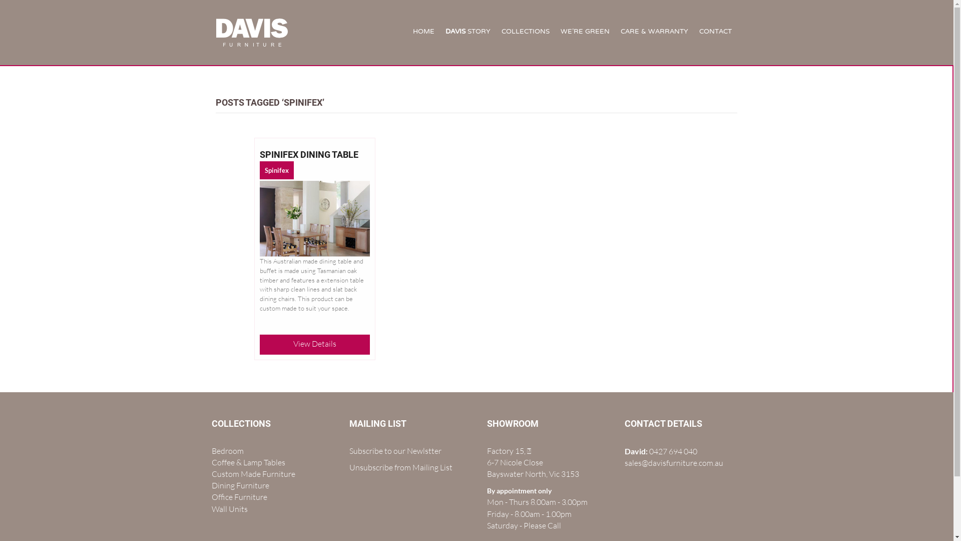 Image resolution: width=961 pixels, height=541 pixels. Describe the element at coordinates (715, 32) in the screenshot. I see `'CONTACT'` at that location.